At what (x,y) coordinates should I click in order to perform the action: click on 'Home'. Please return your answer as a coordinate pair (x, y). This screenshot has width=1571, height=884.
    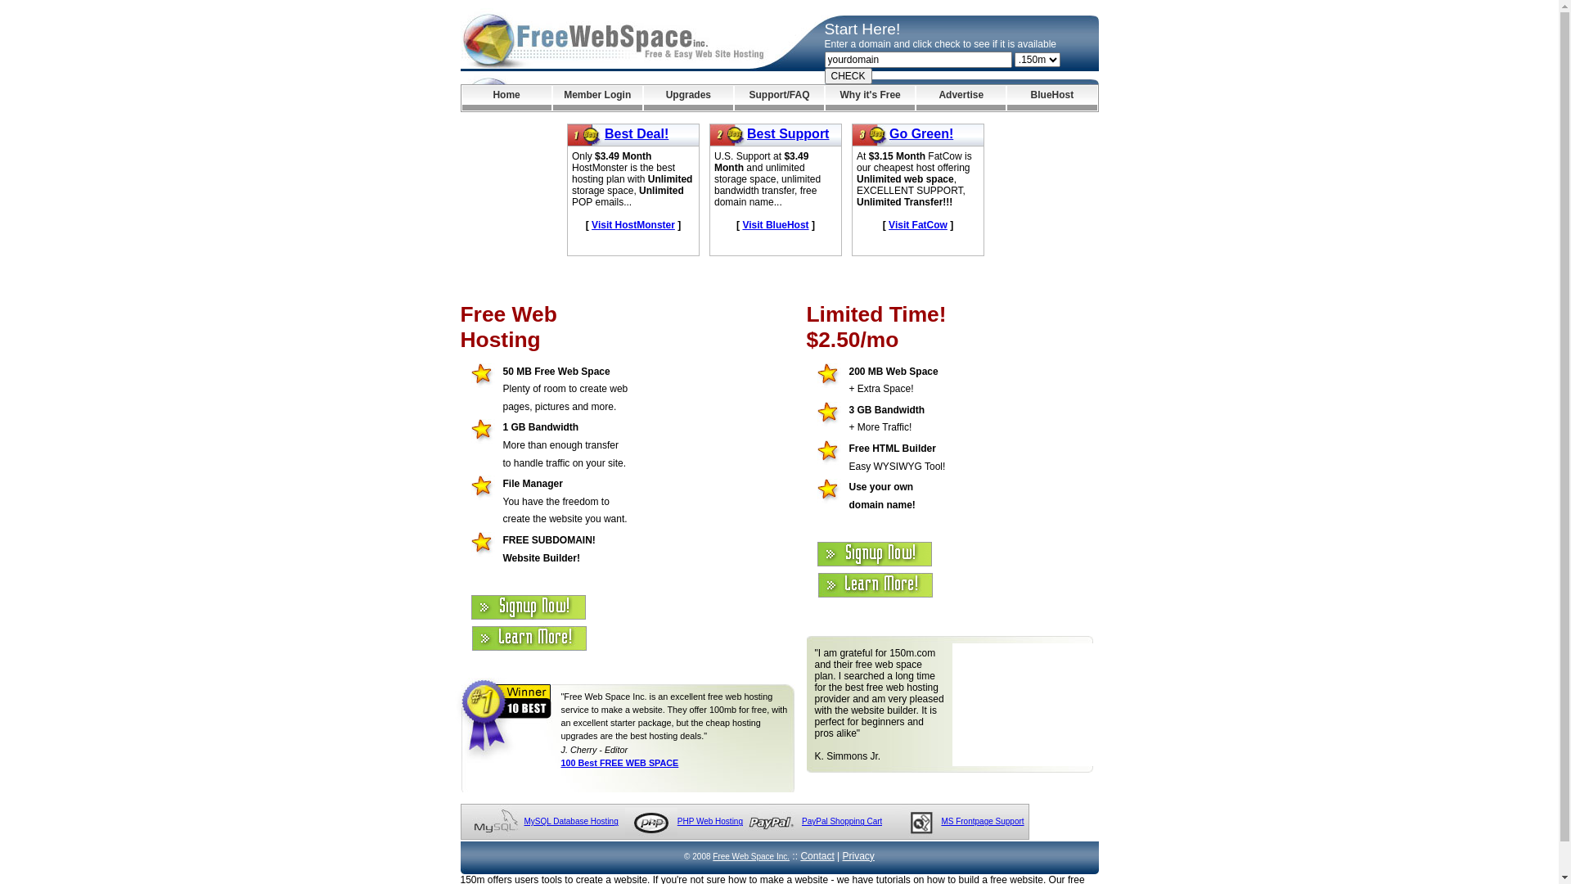
    Looking at the image, I should click on (505, 97).